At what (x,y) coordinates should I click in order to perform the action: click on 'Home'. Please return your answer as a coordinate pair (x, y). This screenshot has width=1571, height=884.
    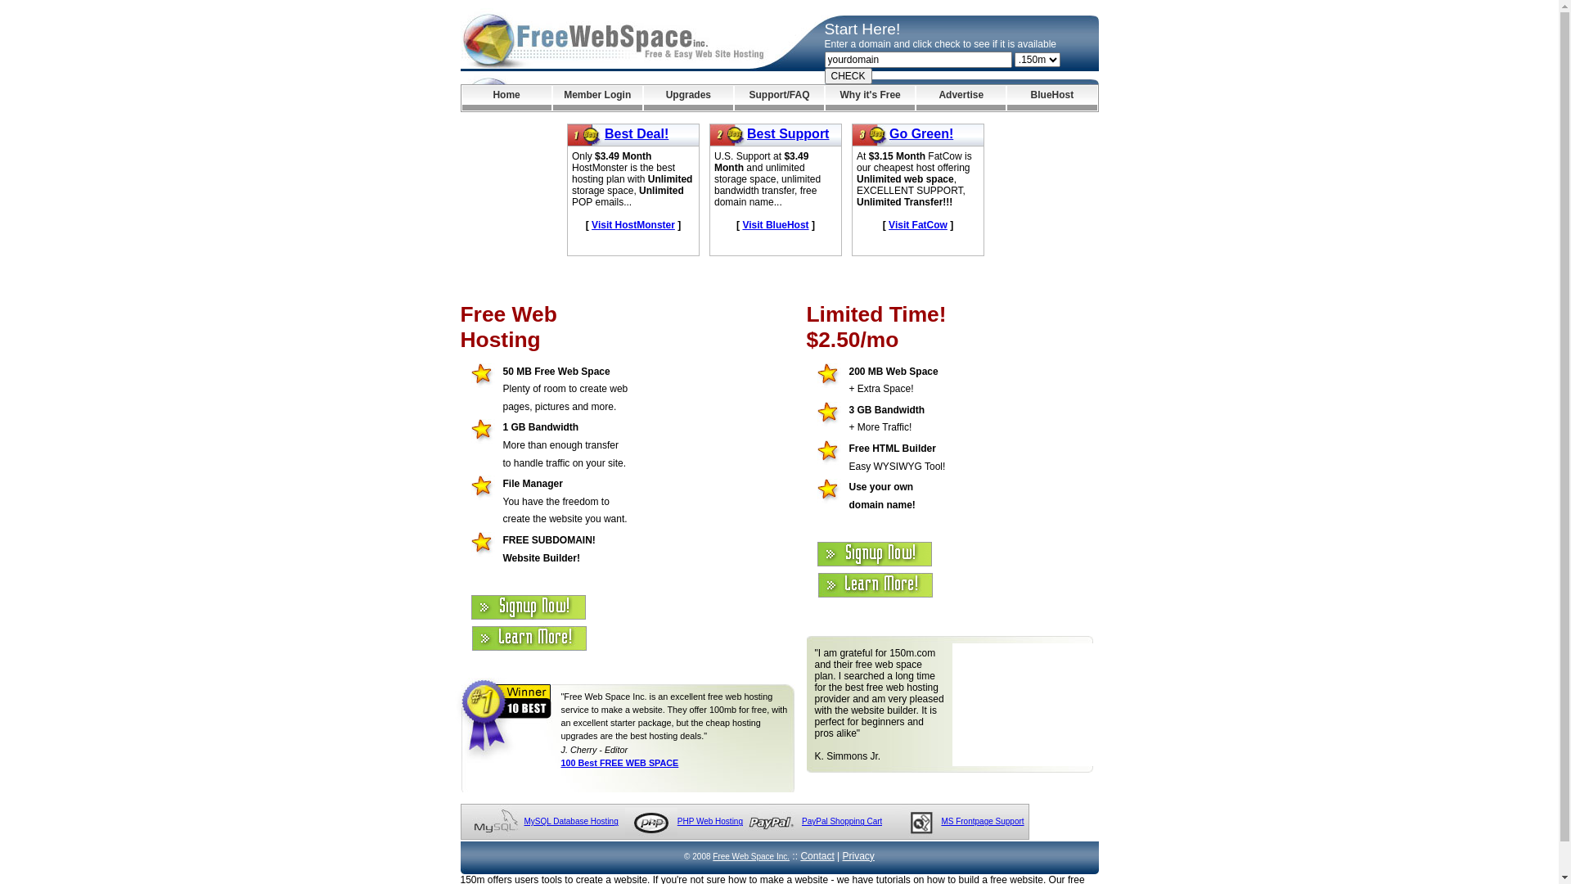
    Looking at the image, I should click on (505, 97).